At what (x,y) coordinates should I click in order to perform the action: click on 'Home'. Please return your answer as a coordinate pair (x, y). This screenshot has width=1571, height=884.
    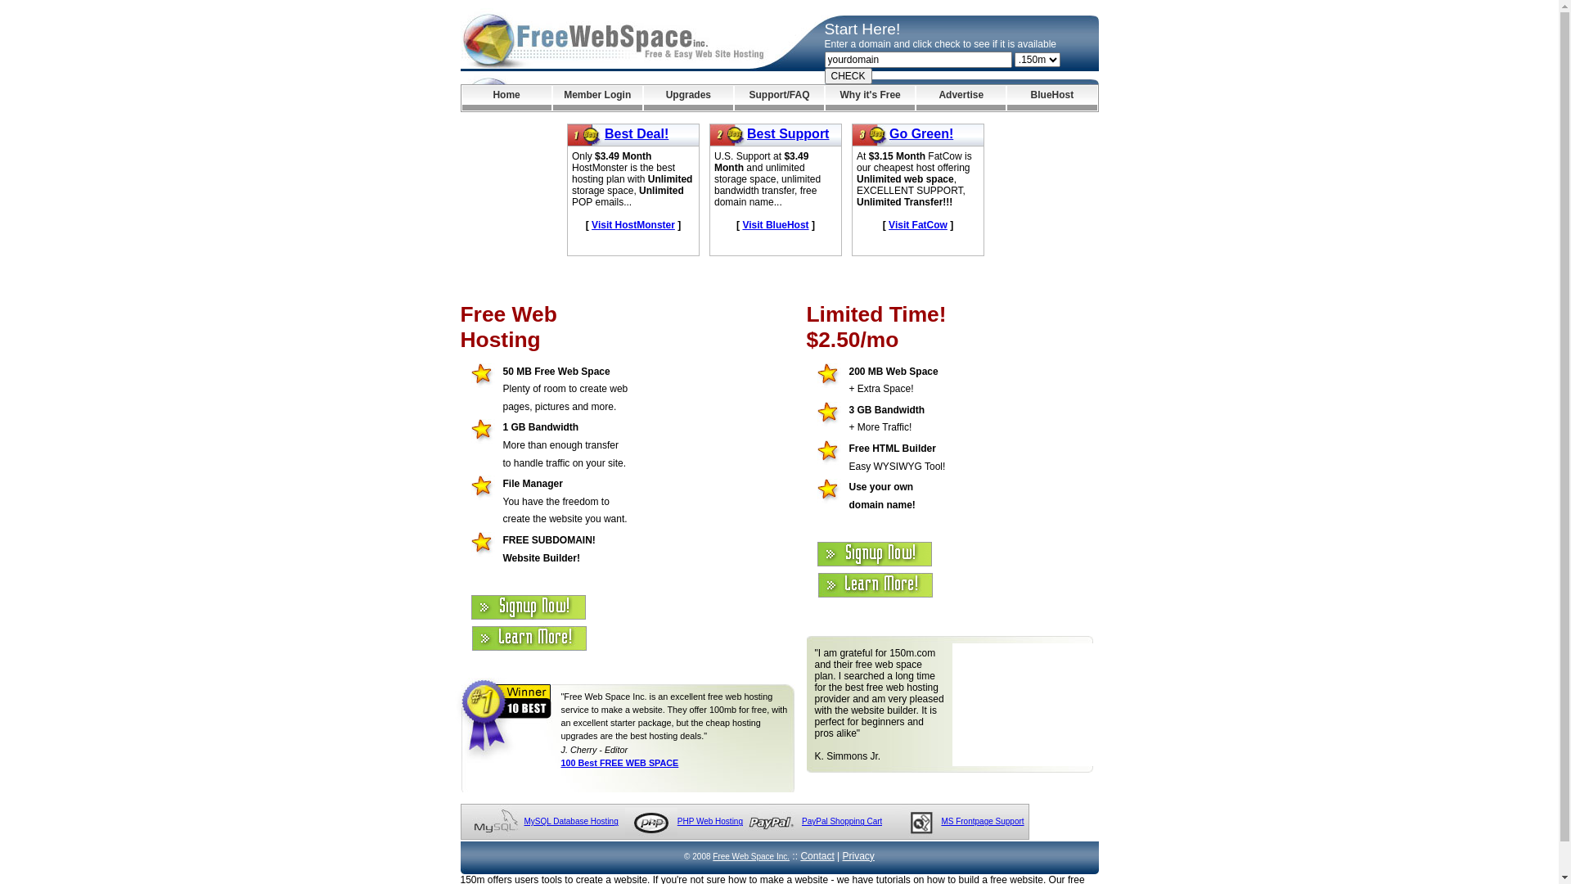
    Looking at the image, I should click on (505, 97).